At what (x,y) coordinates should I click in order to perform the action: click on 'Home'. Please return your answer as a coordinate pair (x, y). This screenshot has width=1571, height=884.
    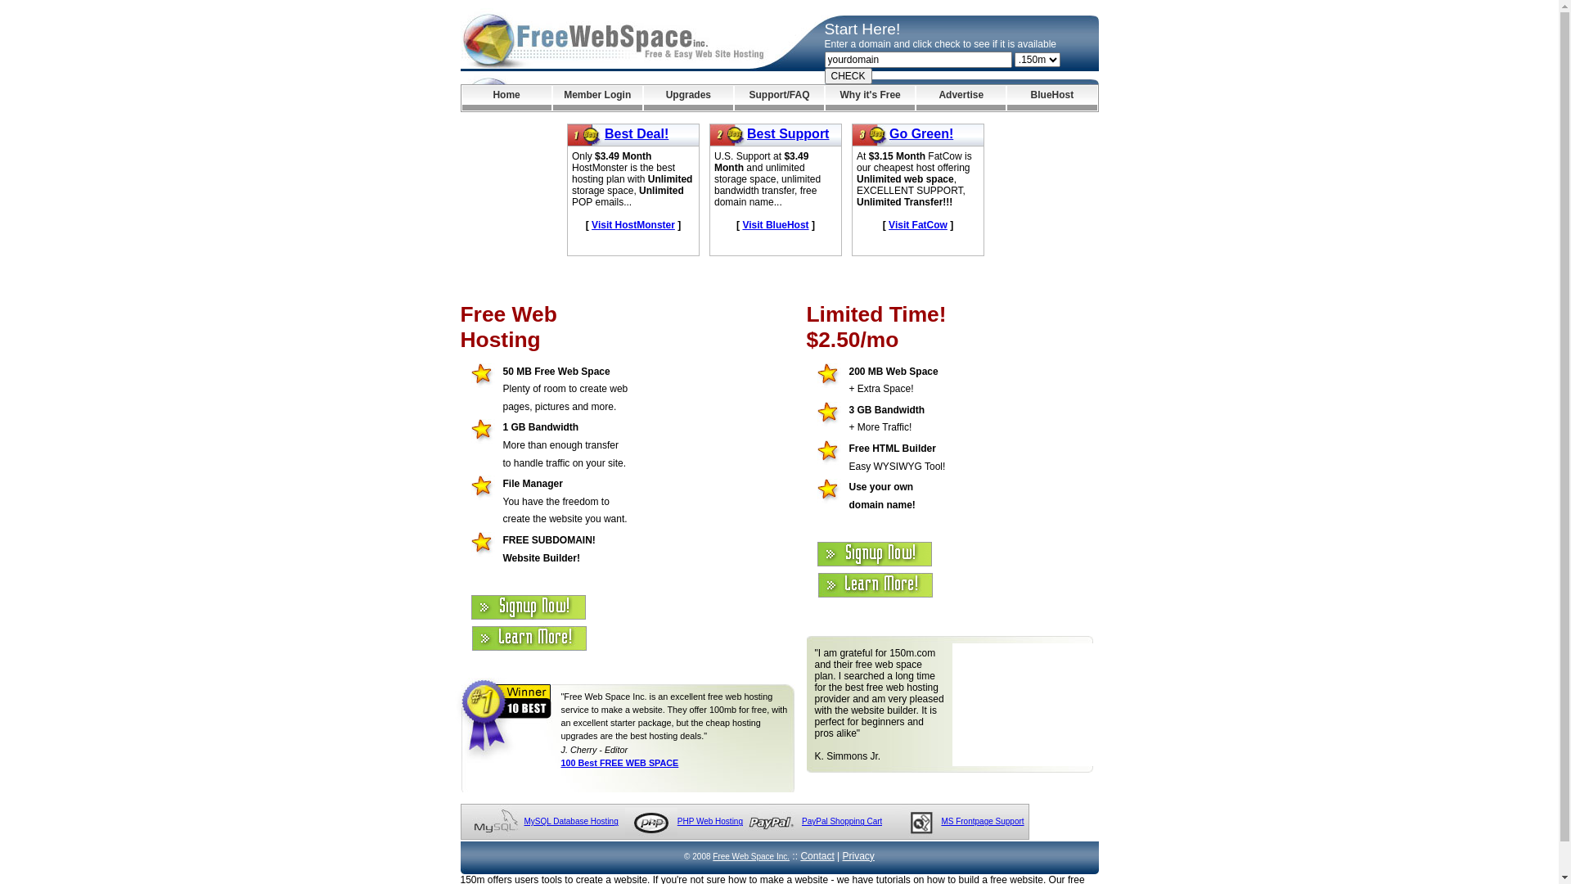
    Looking at the image, I should click on (505, 97).